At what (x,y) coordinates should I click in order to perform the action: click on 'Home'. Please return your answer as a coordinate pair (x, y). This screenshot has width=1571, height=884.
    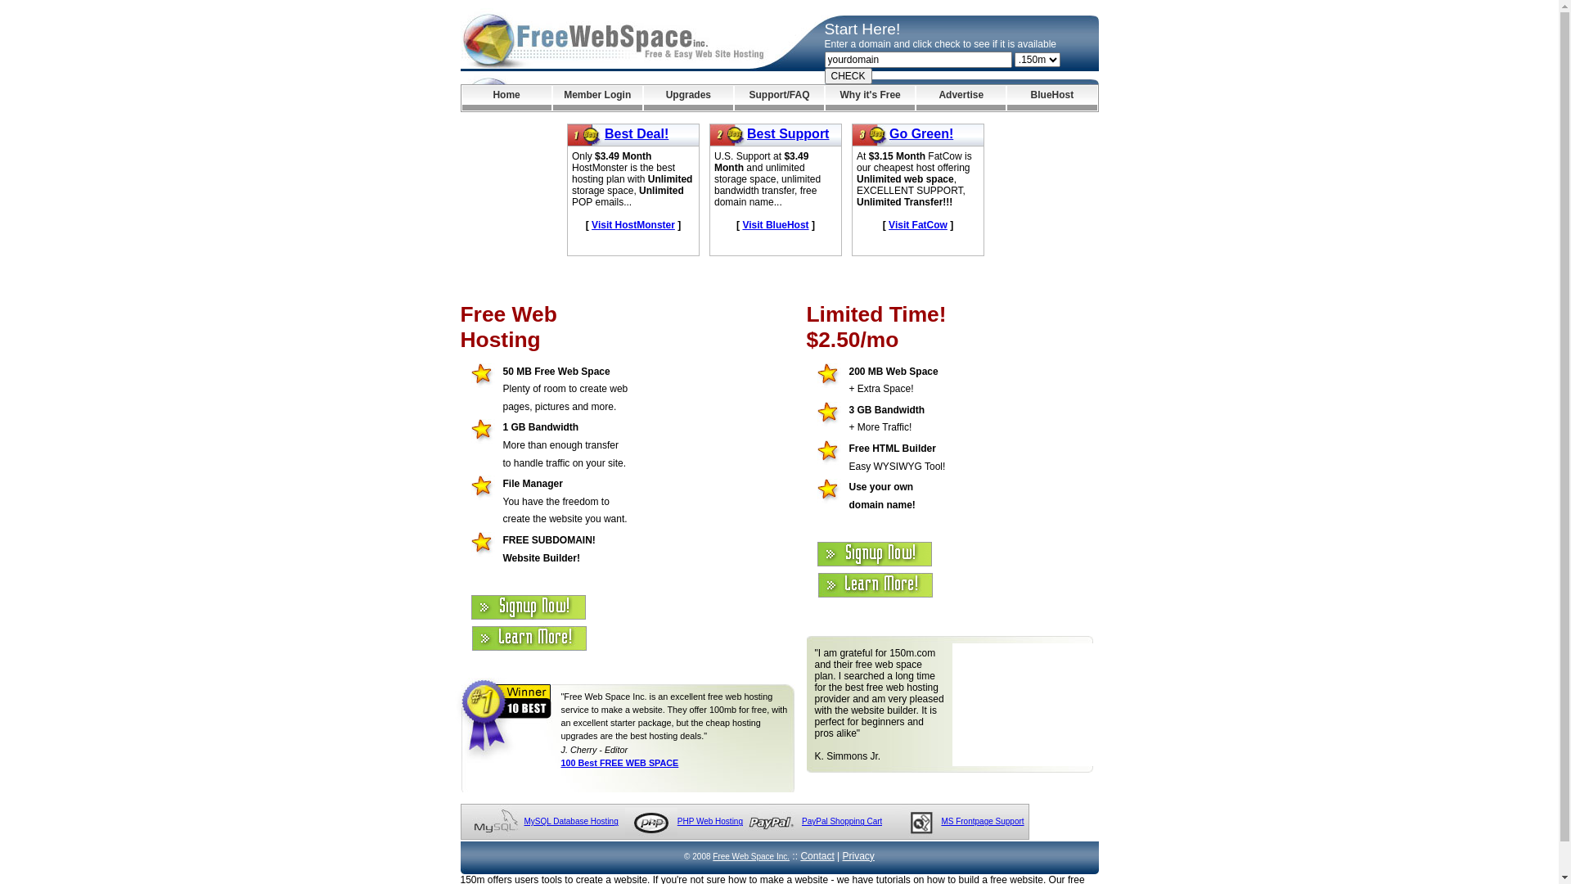
    Looking at the image, I should click on (505, 97).